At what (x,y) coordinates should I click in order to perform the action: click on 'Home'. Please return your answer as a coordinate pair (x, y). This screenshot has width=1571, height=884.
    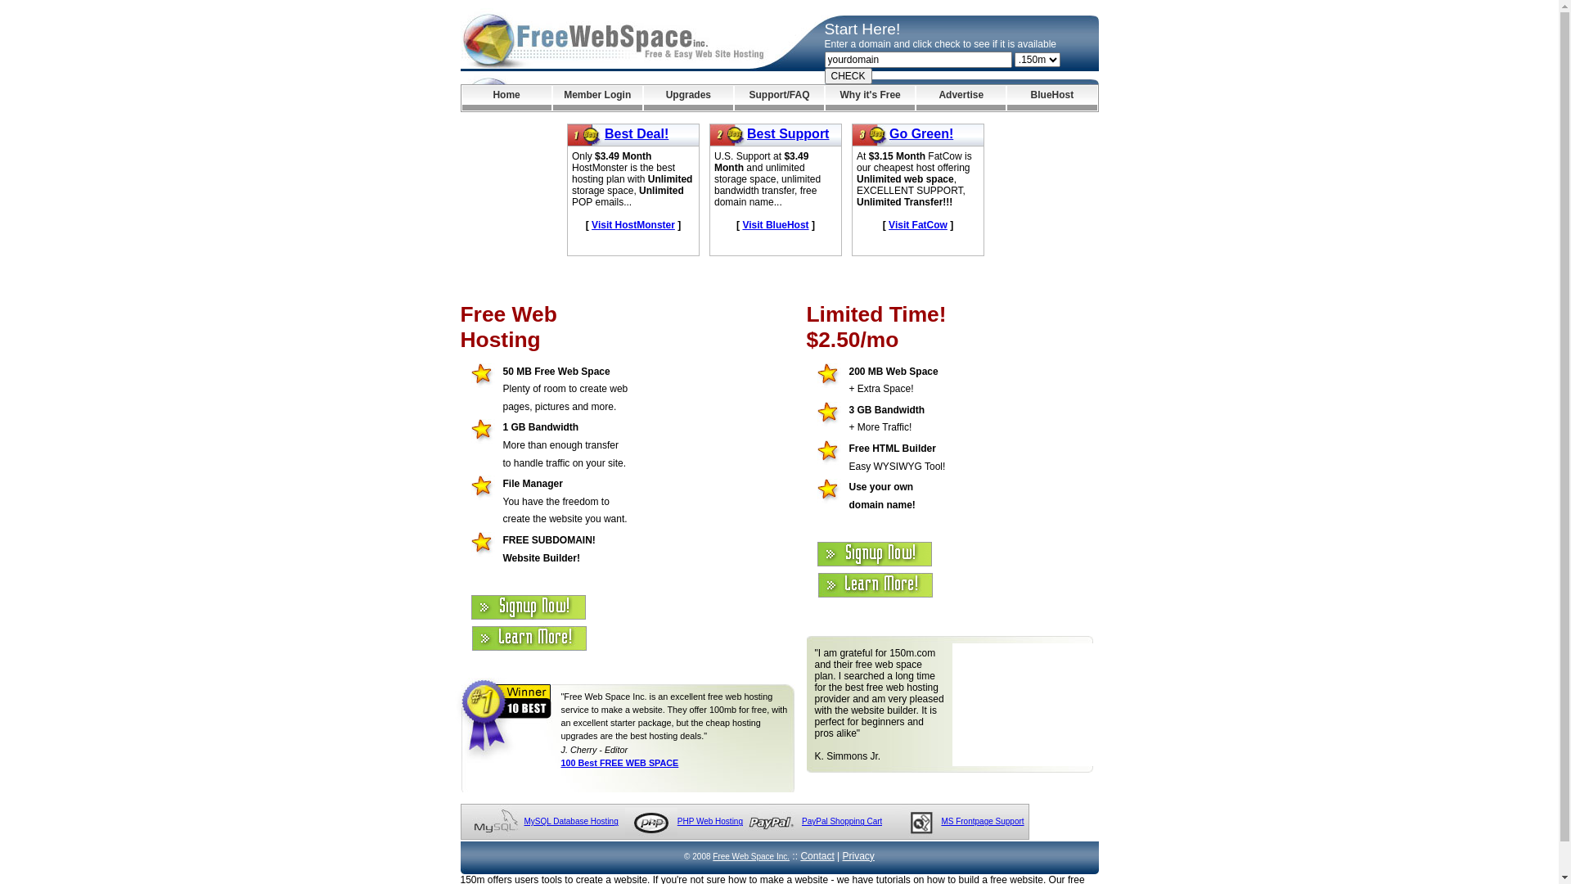
    Looking at the image, I should click on (505, 97).